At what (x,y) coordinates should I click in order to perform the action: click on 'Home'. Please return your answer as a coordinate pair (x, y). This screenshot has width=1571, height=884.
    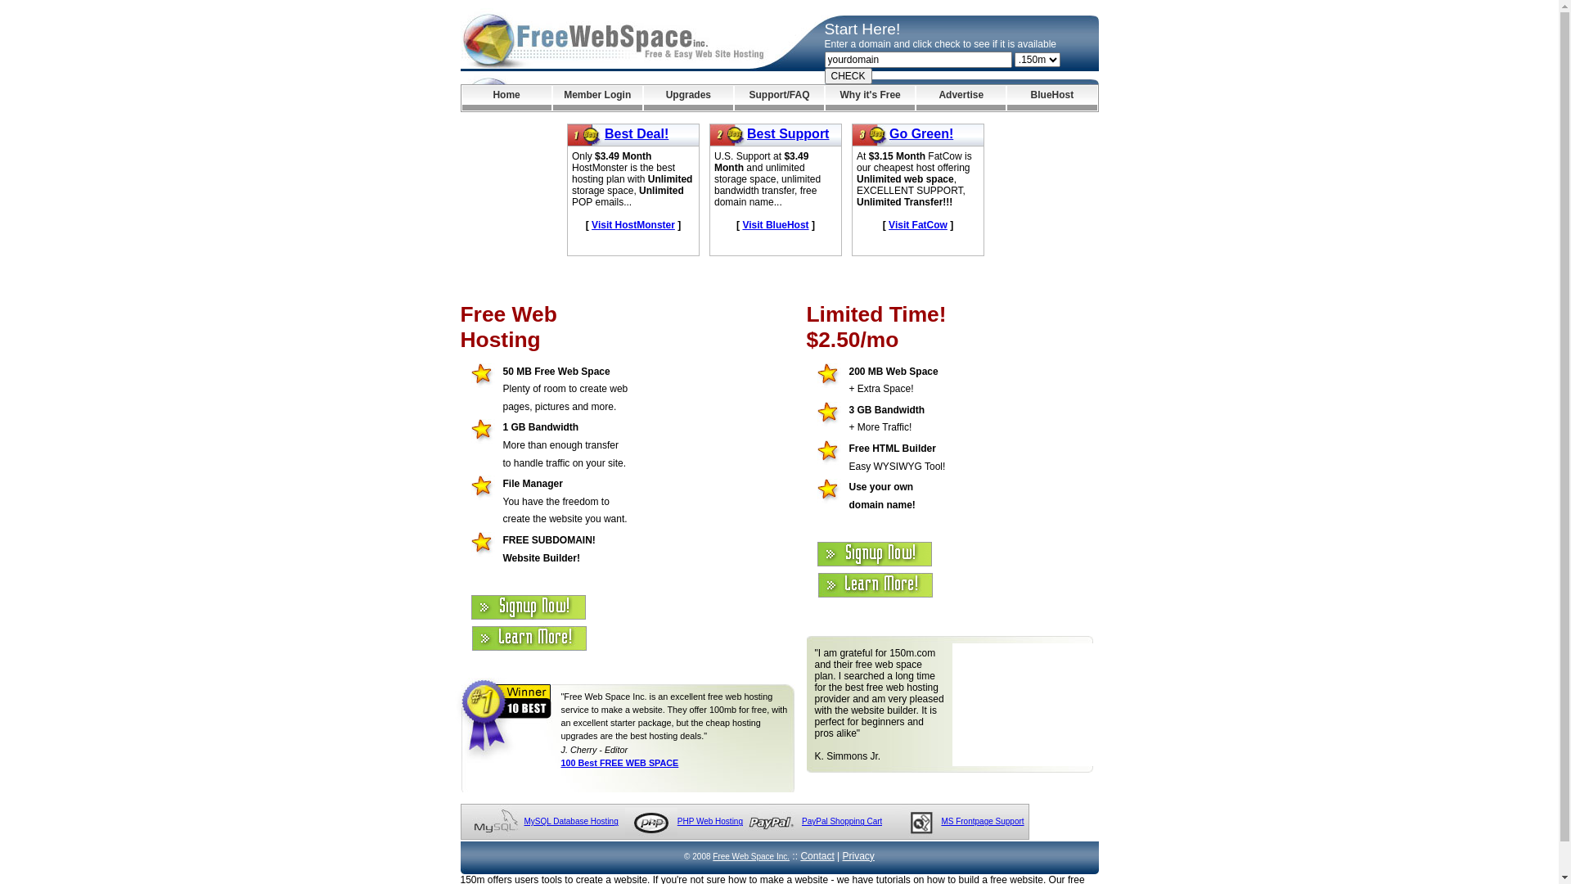
    Looking at the image, I should click on (505, 97).